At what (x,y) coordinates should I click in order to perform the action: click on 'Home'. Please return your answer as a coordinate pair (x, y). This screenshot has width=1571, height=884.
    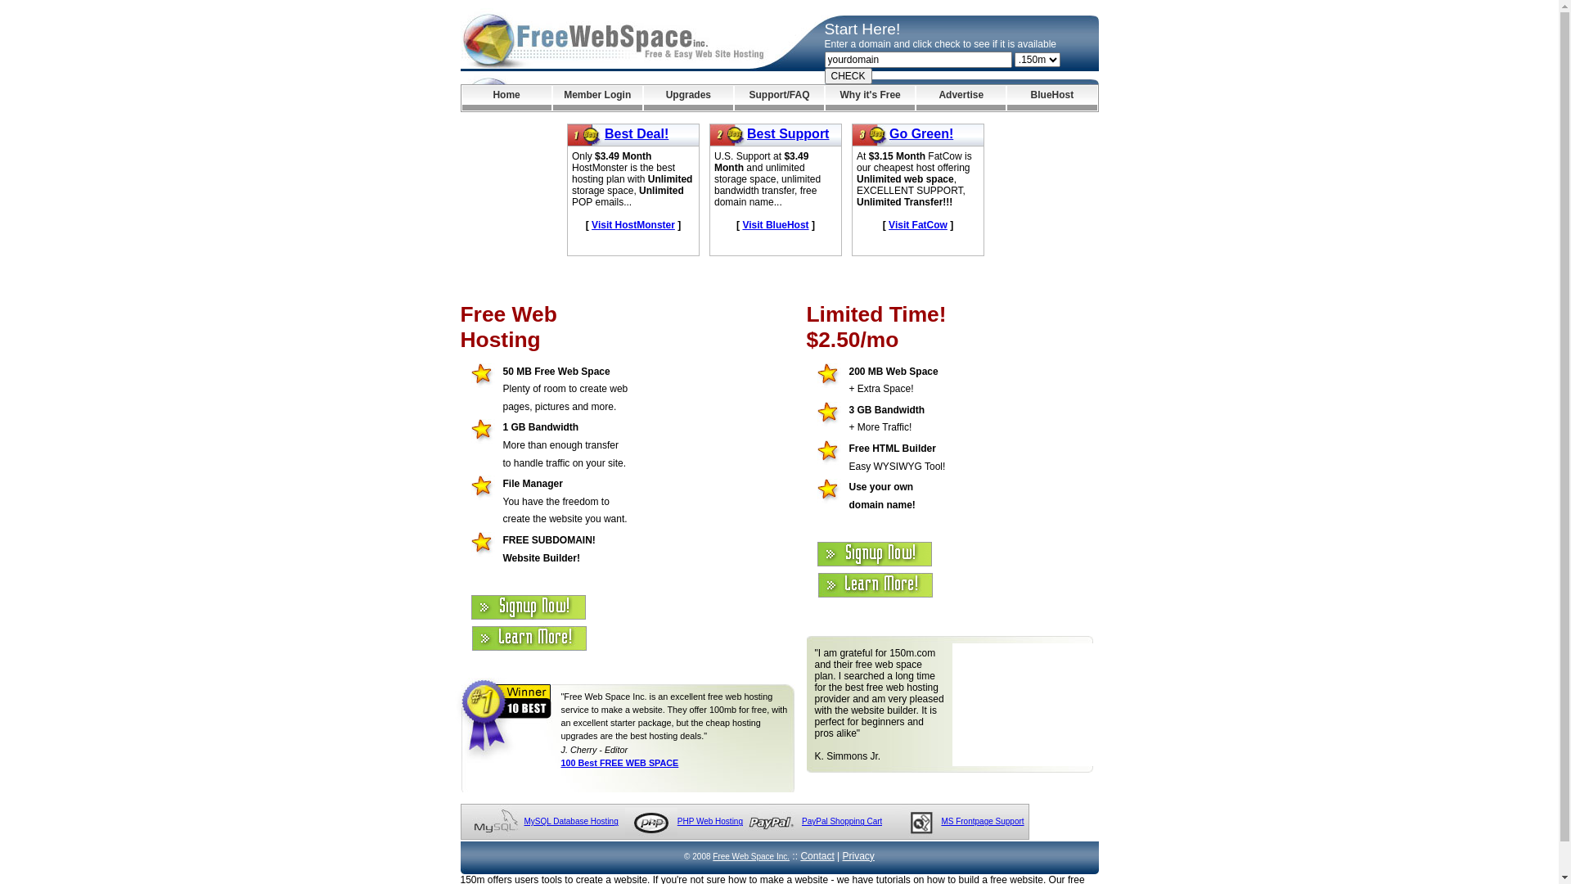
    Looking at the image, I should click on (505, 97).